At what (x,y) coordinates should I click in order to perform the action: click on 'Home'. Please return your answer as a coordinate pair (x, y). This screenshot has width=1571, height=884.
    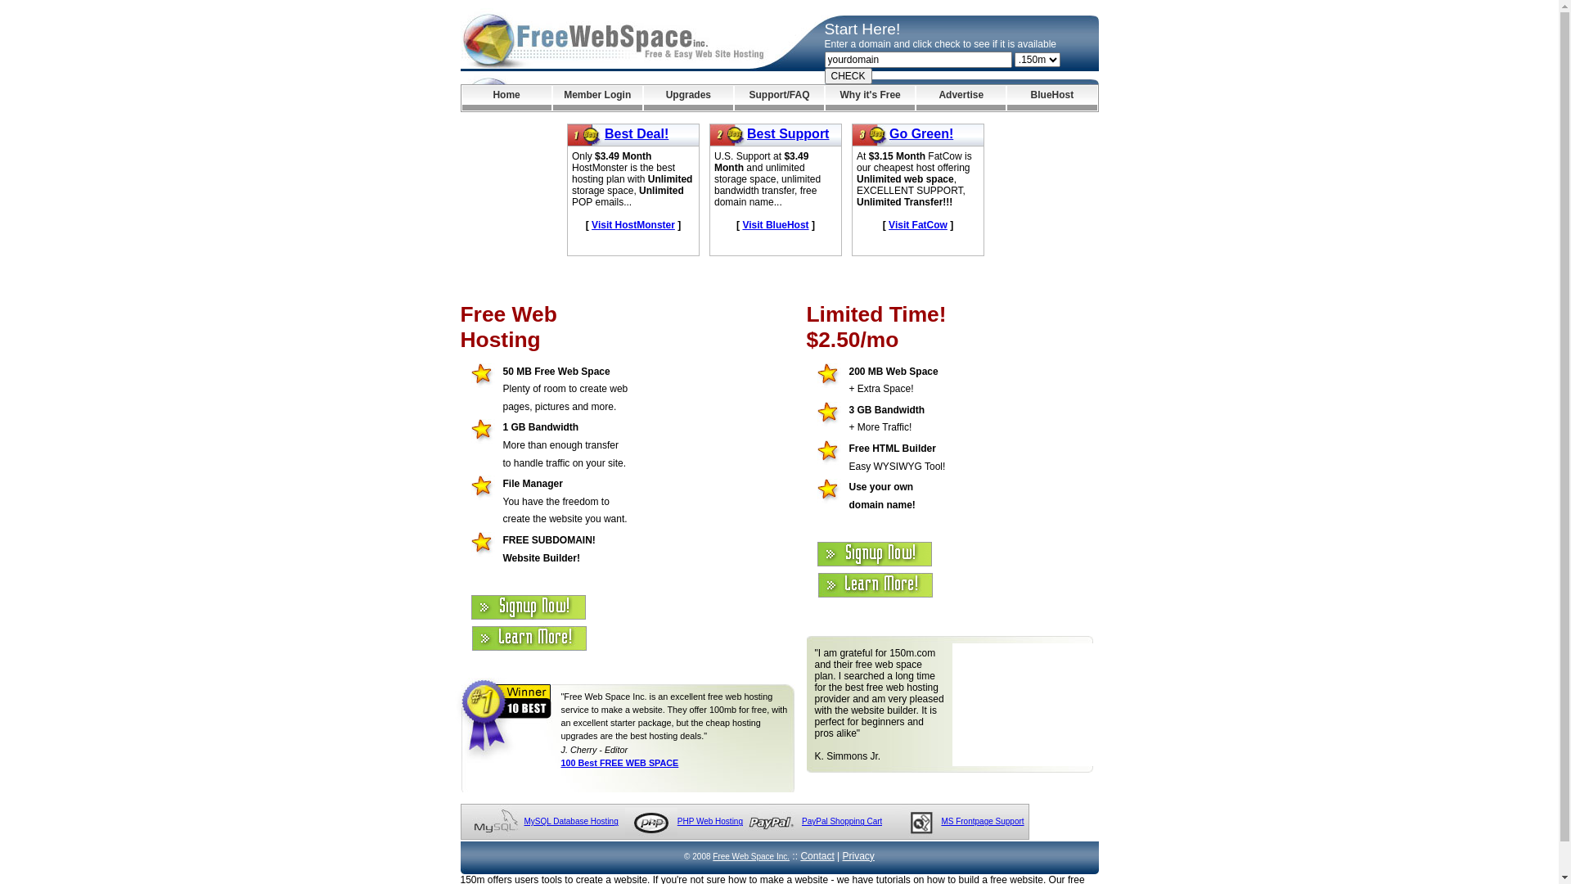
    Looking at the image, I should click on (505, 97).